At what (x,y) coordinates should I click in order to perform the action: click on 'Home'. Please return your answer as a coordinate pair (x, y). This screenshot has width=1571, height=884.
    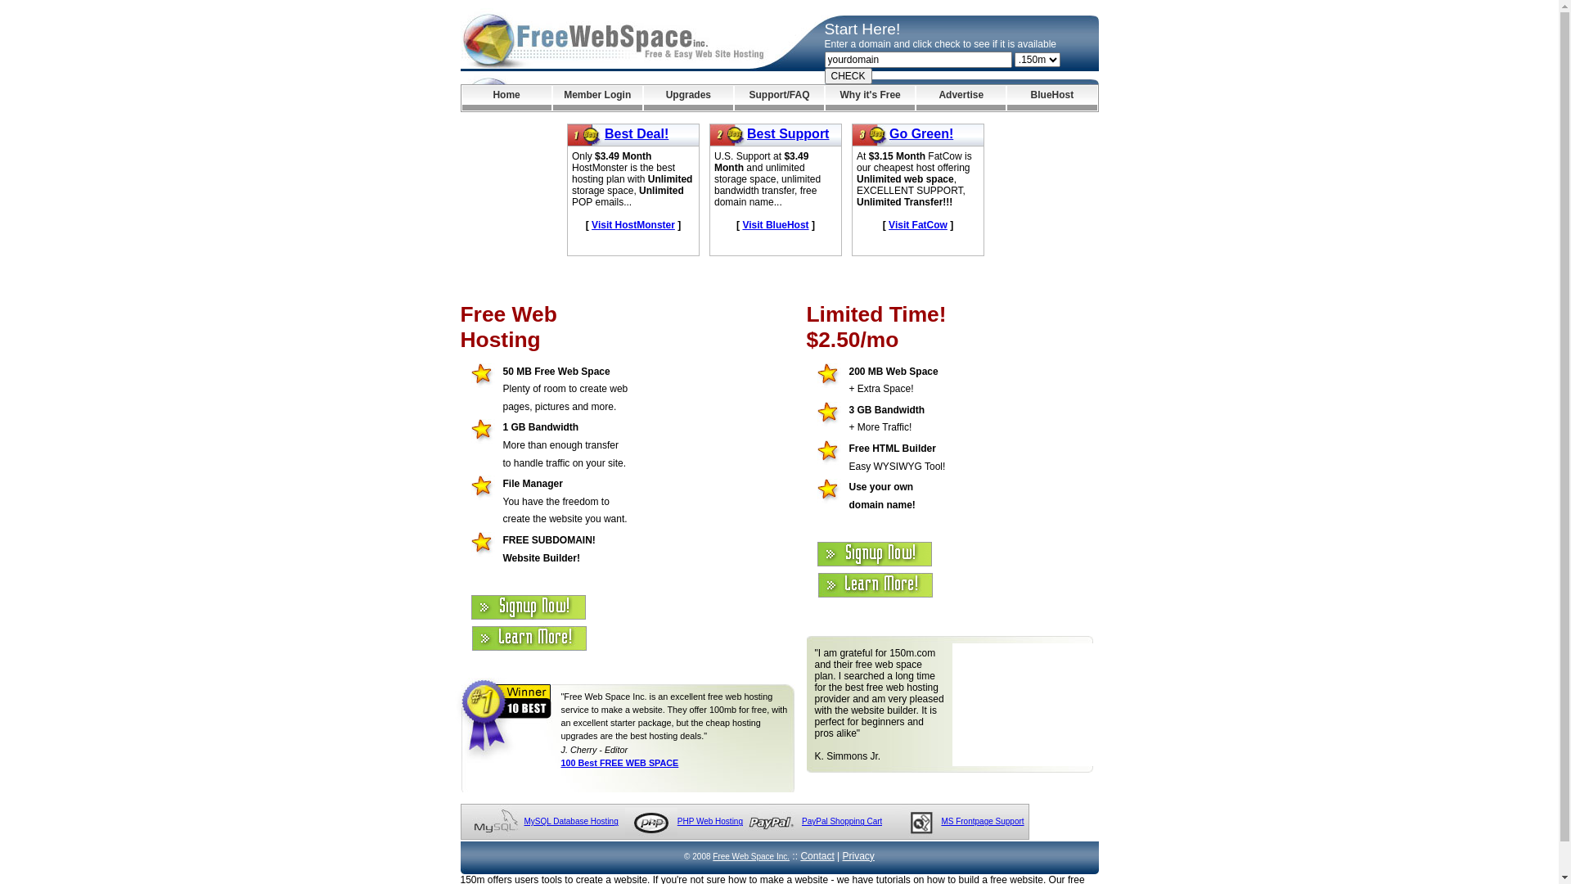
    Looking at the image, I should click on (505, 97).